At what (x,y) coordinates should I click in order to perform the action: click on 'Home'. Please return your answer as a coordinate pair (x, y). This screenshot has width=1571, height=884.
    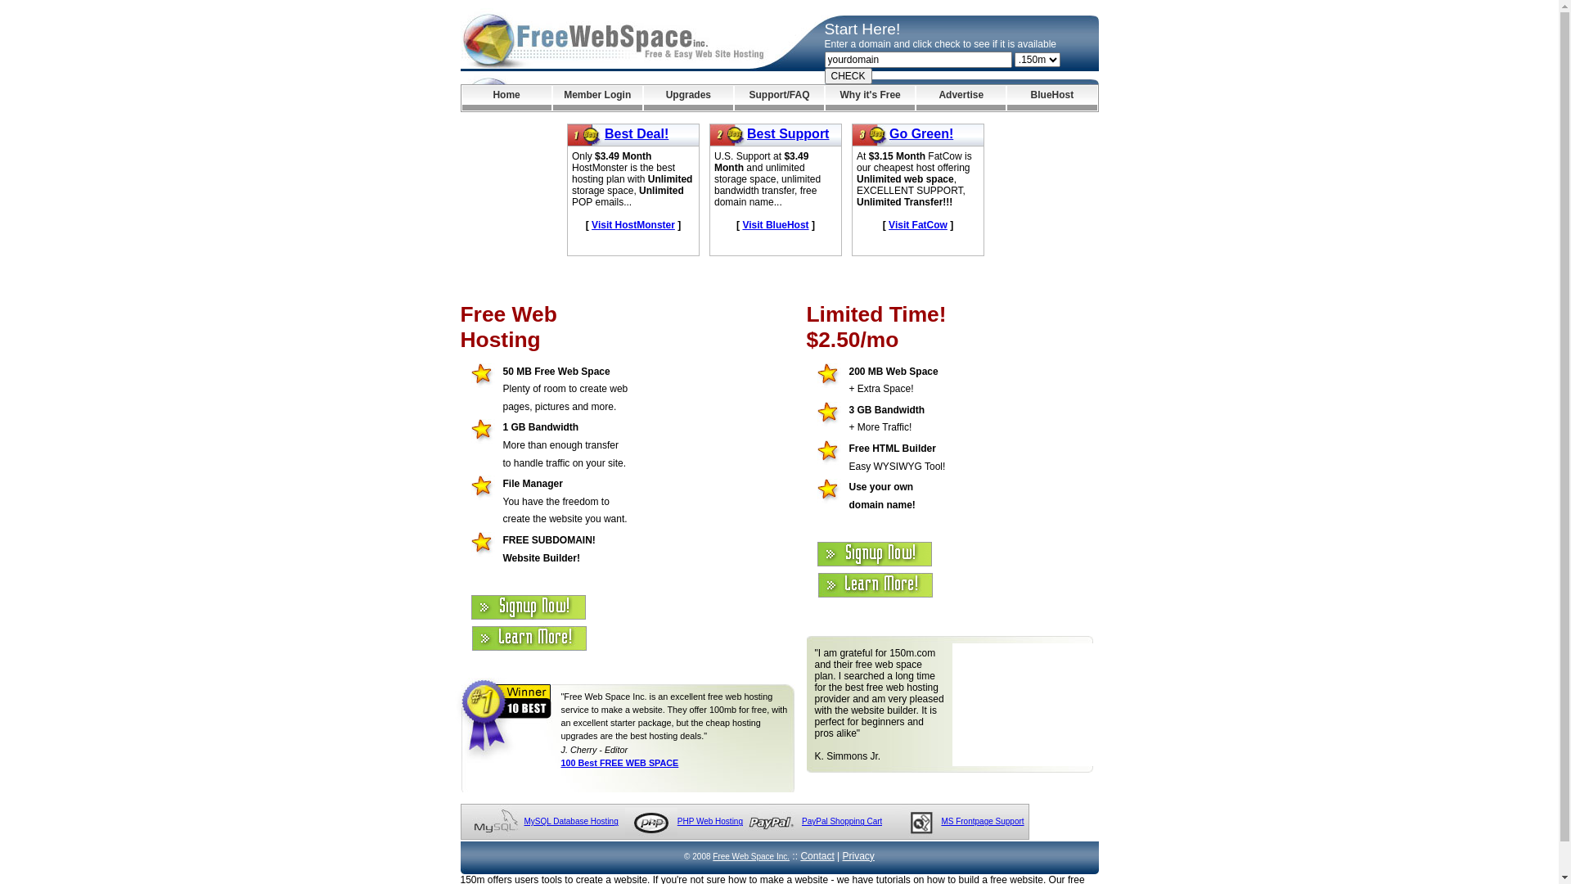
    Looking at the image, I should click on (505, 97).